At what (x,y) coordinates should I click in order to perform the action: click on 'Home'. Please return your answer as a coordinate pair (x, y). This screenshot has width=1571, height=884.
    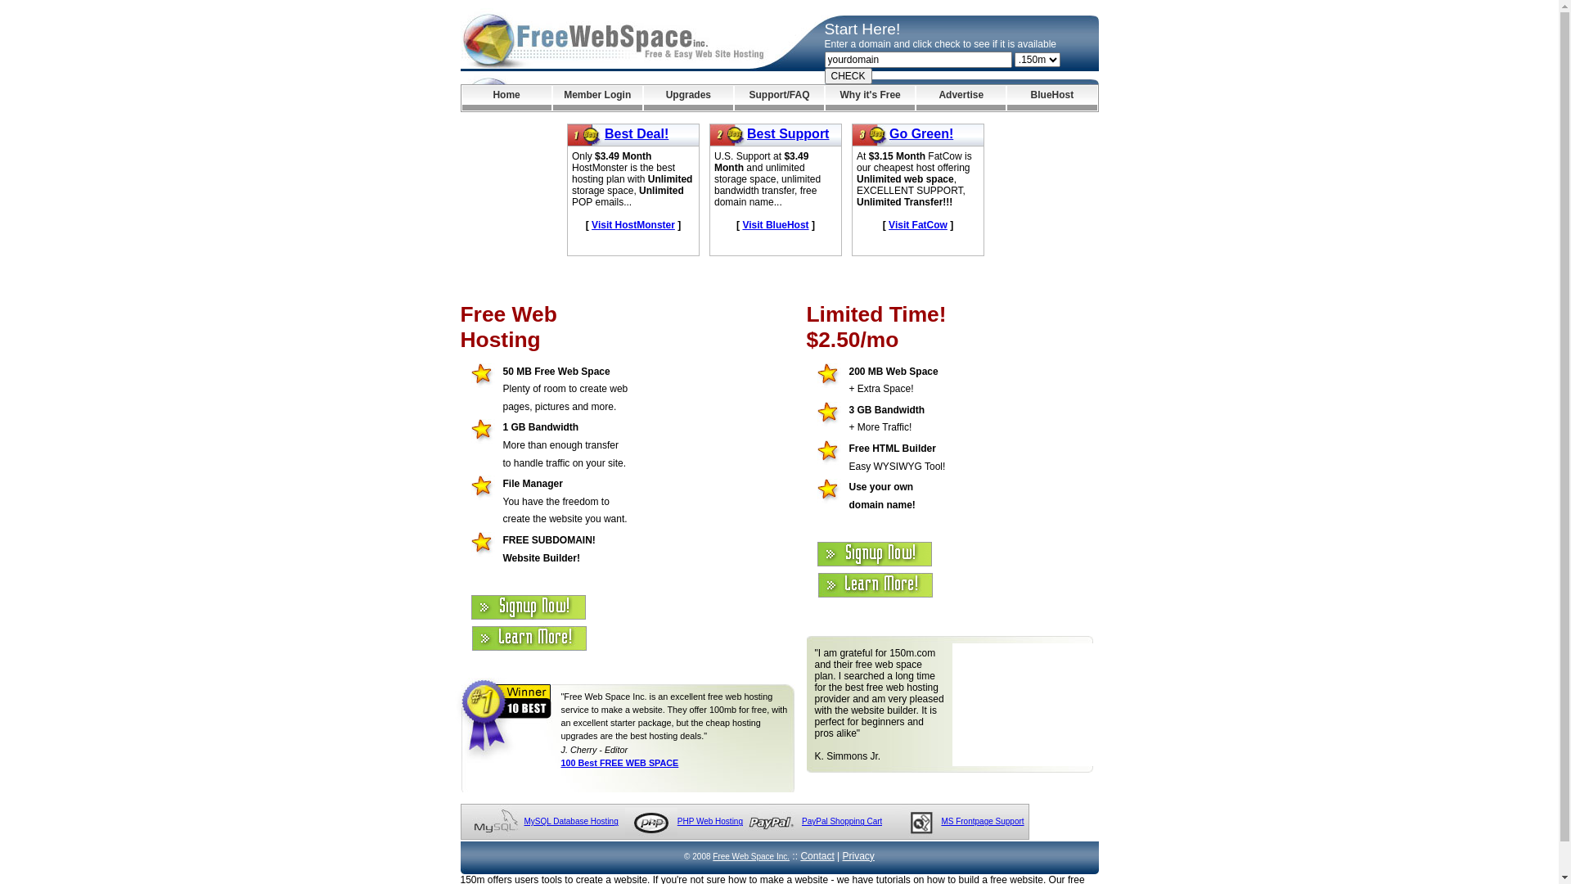
    Looking at the image, I should click on (505, 97).